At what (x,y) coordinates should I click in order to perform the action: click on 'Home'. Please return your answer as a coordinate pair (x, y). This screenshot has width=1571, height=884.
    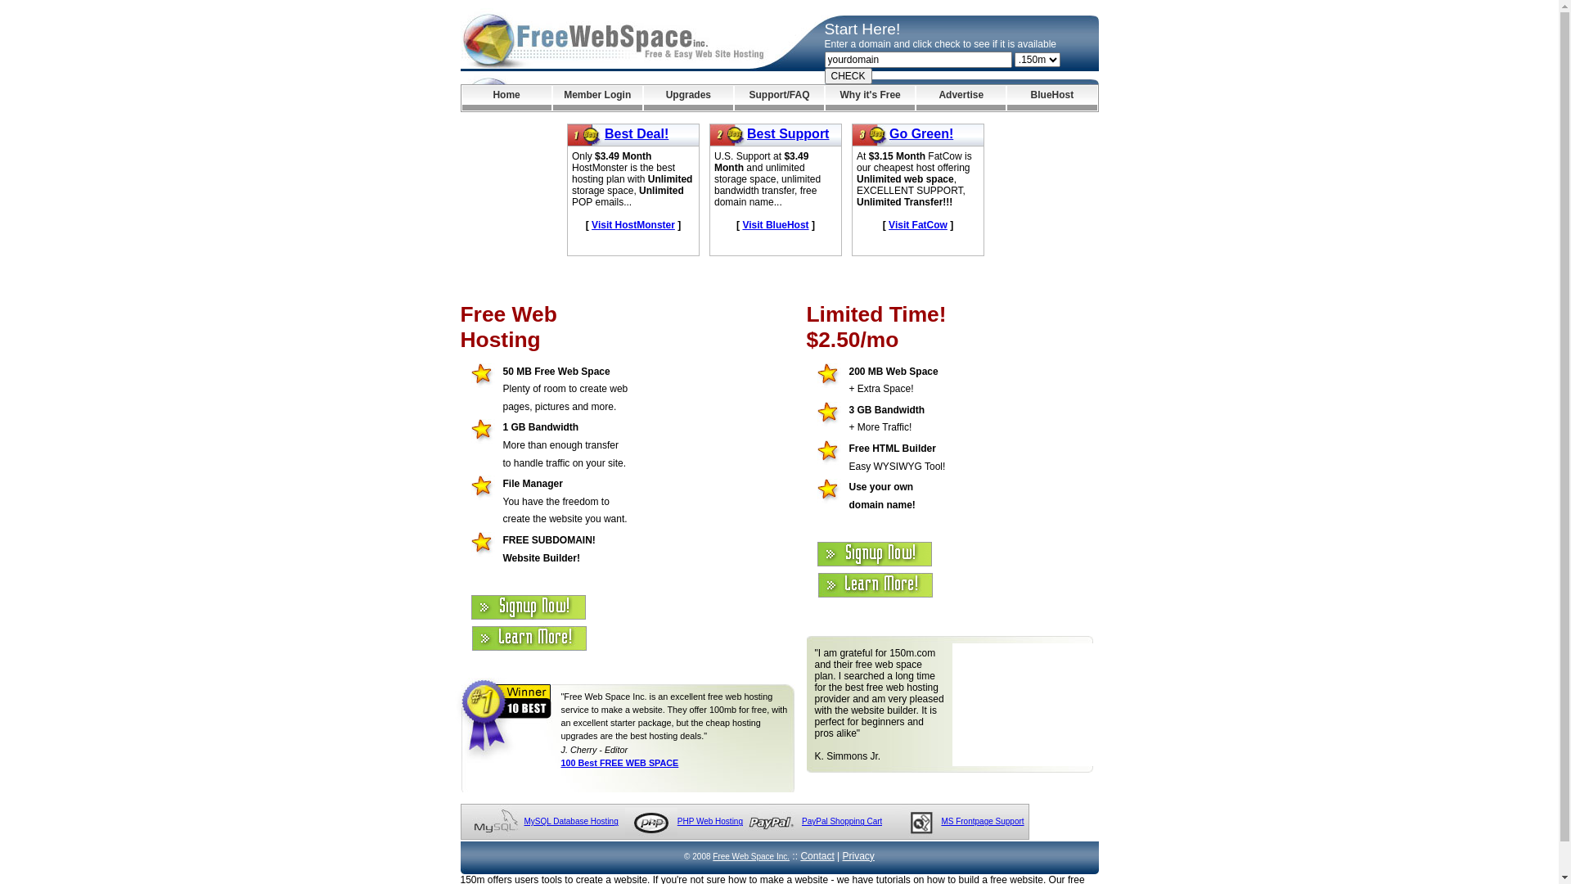
    Looking at the image, I should click on (505, 97).